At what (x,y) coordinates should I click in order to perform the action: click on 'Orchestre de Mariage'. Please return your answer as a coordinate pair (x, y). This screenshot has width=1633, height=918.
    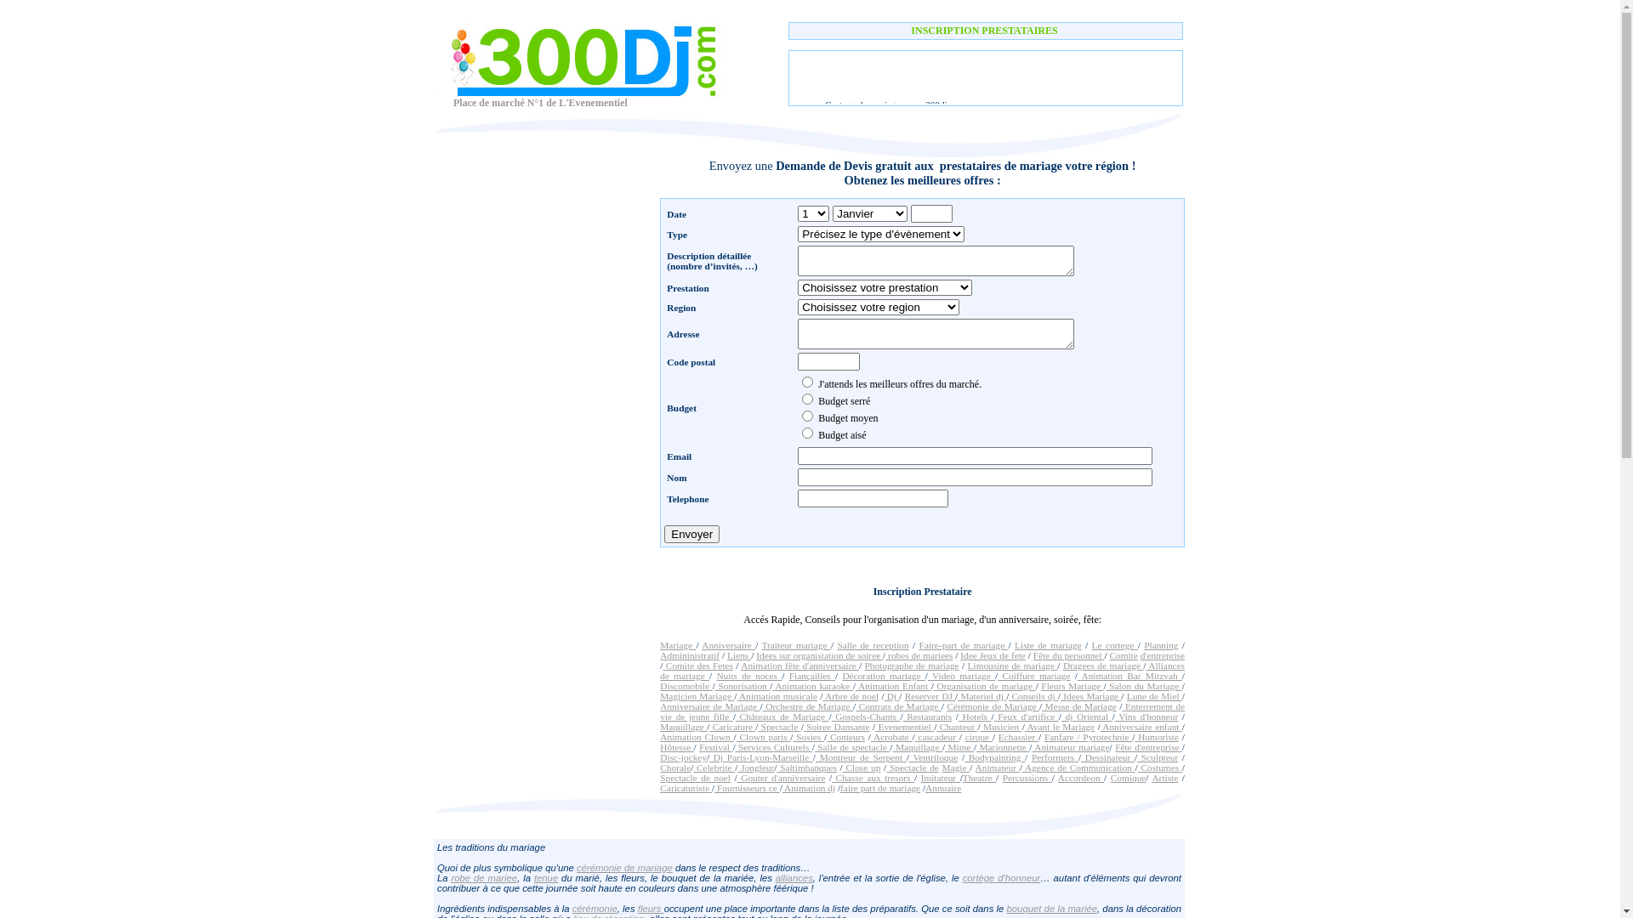
    Looking at the image, I should click on (807, 705).